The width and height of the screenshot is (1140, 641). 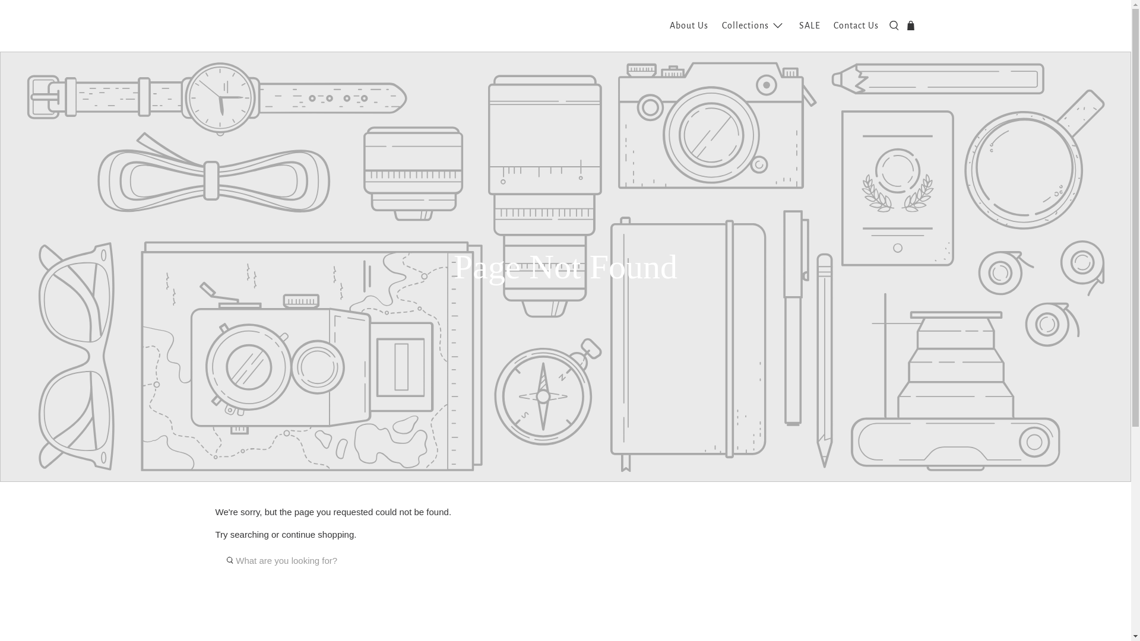 What do you see at coordinates (272, 26) in the screenshot?
I see `'Gemajesty Jewellery'` at bounding box center [272, 26].